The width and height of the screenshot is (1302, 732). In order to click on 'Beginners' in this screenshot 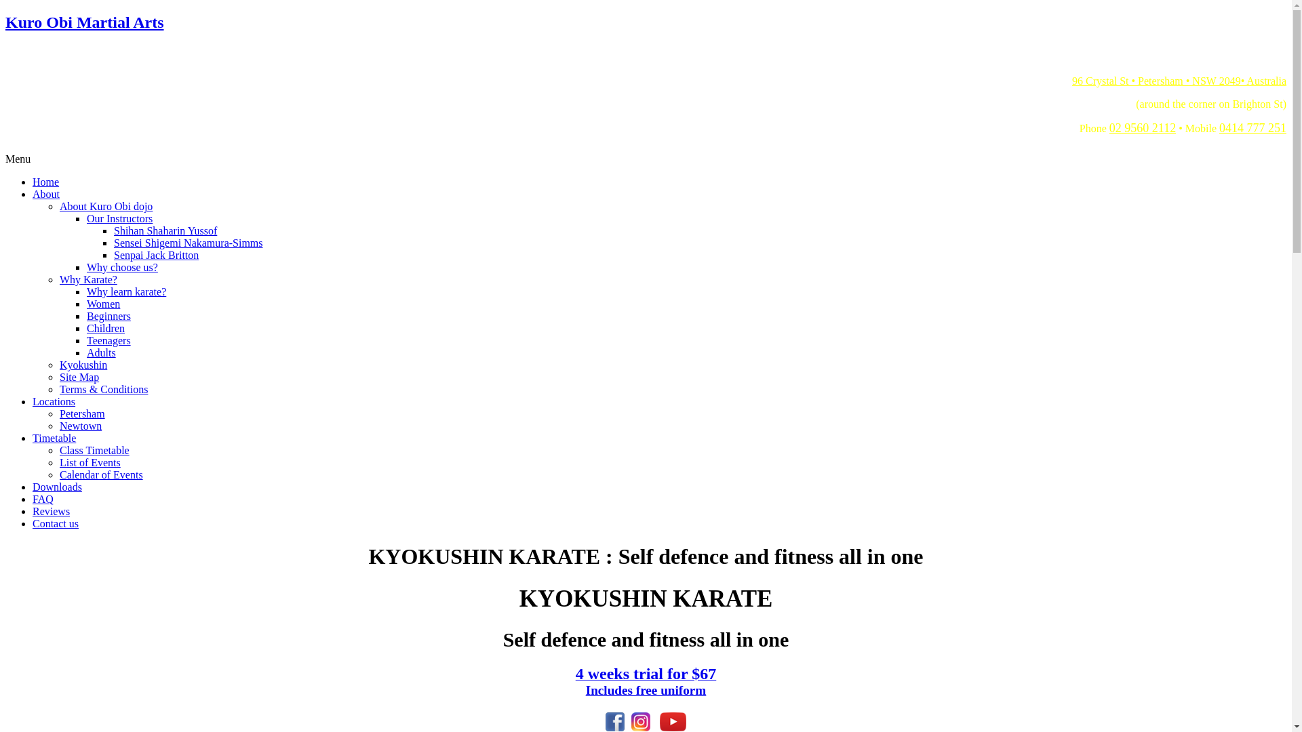, I will do `click(86, 316)`.